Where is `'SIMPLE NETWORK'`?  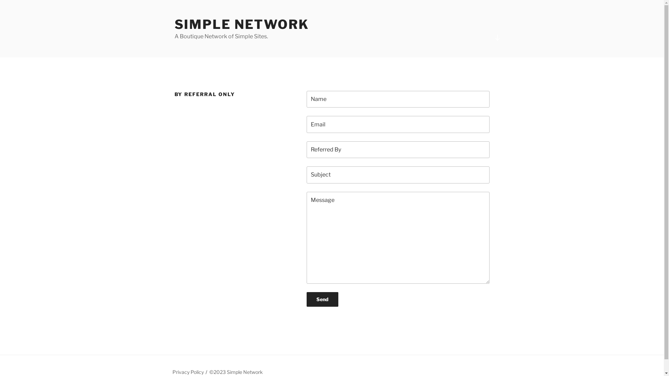
'SIMPLE NETWORK' is located at coordinates (241, 24).